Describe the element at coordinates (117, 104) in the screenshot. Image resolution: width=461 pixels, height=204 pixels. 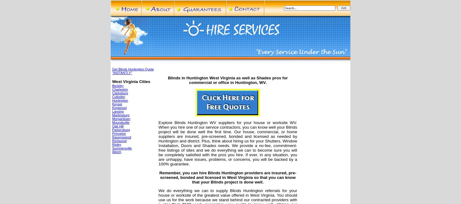
I see `'Keyser'` at that location.